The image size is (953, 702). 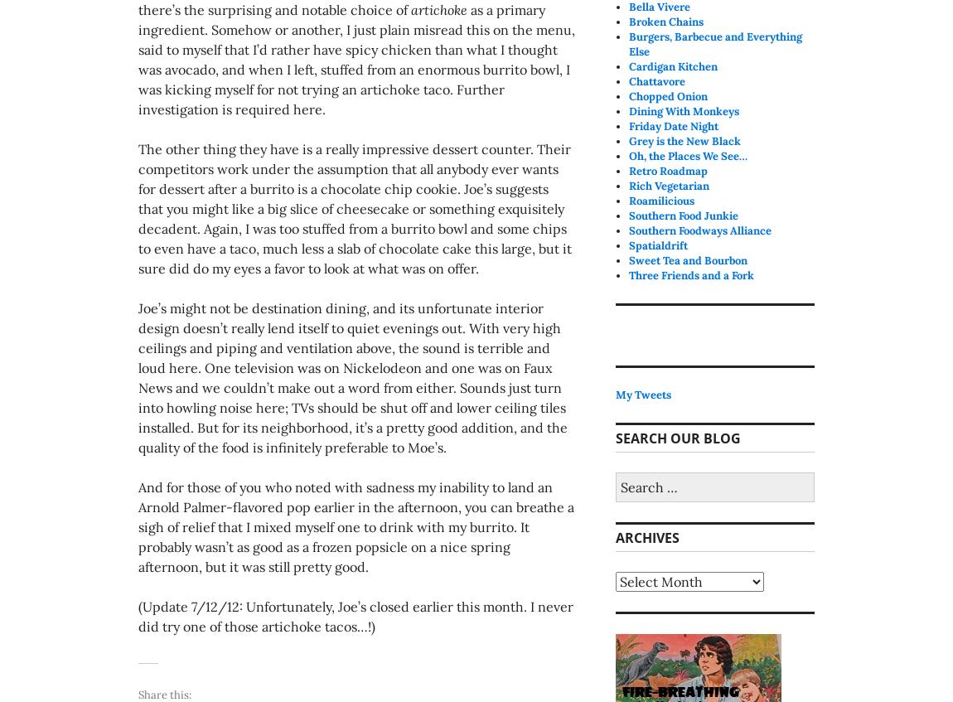 What do you see at coordinates (137, 614) in the screenshot?
I see `'(Update 7/12/12: Unfortunately, Joe’s closed earlier this month.  I never did try one of those artichoke tacos…!)'` at bounding box center [137, 614].